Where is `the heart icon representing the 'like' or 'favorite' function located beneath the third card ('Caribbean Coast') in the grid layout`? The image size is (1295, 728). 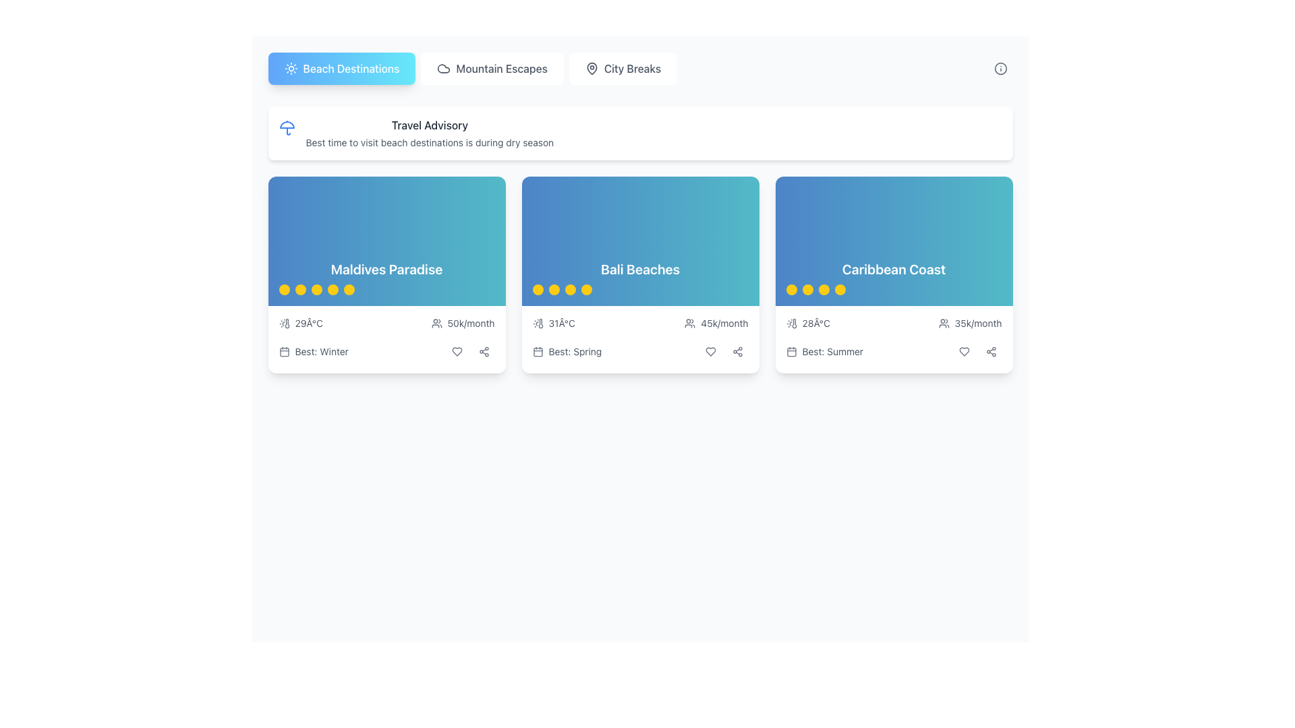 the heart icon representing the 'like' or 'favorite' function located beneath the third card ('Caribbean Coast') in the grid layout is located at coordinates (963, 351).